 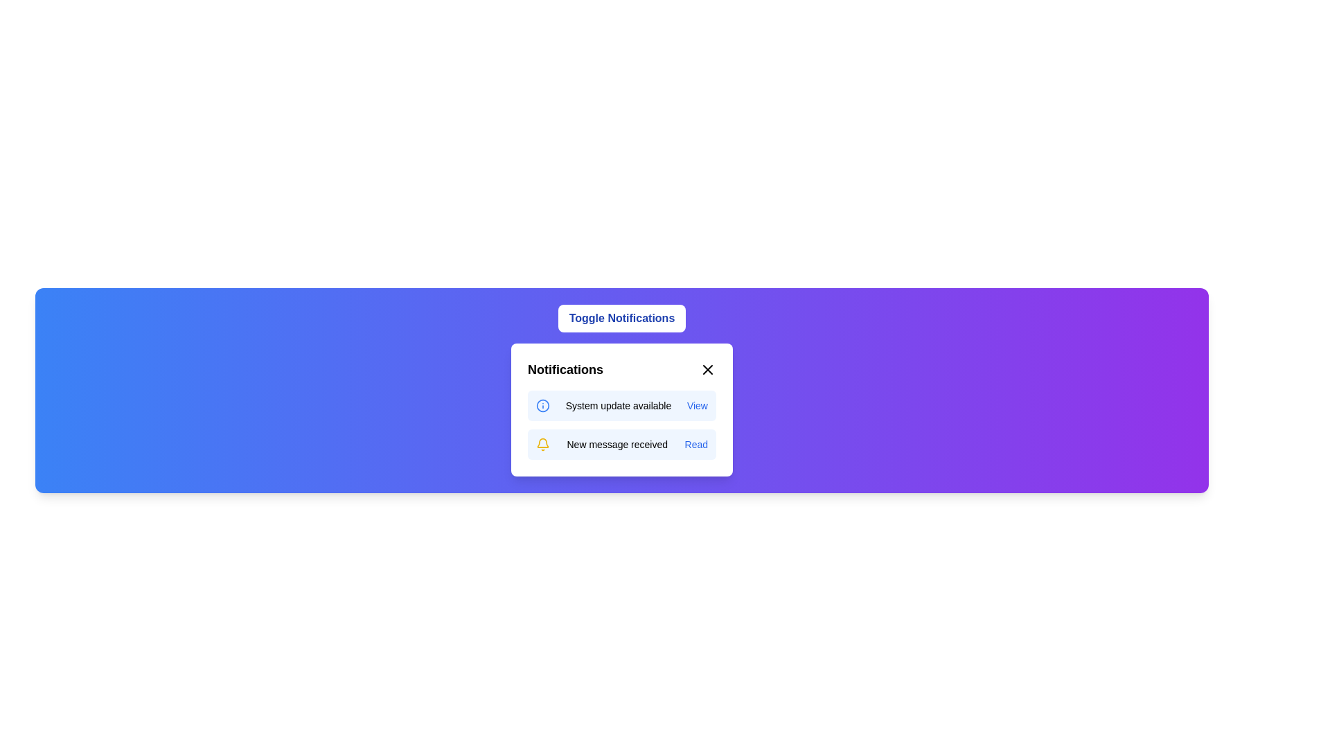 What do you see at coordinates (621, 444) in the screenshot?
I see `the second notification item that displays 'New message received' with a yellow bell icon and a blue 'Read' link` at bounding box center [621, 444].